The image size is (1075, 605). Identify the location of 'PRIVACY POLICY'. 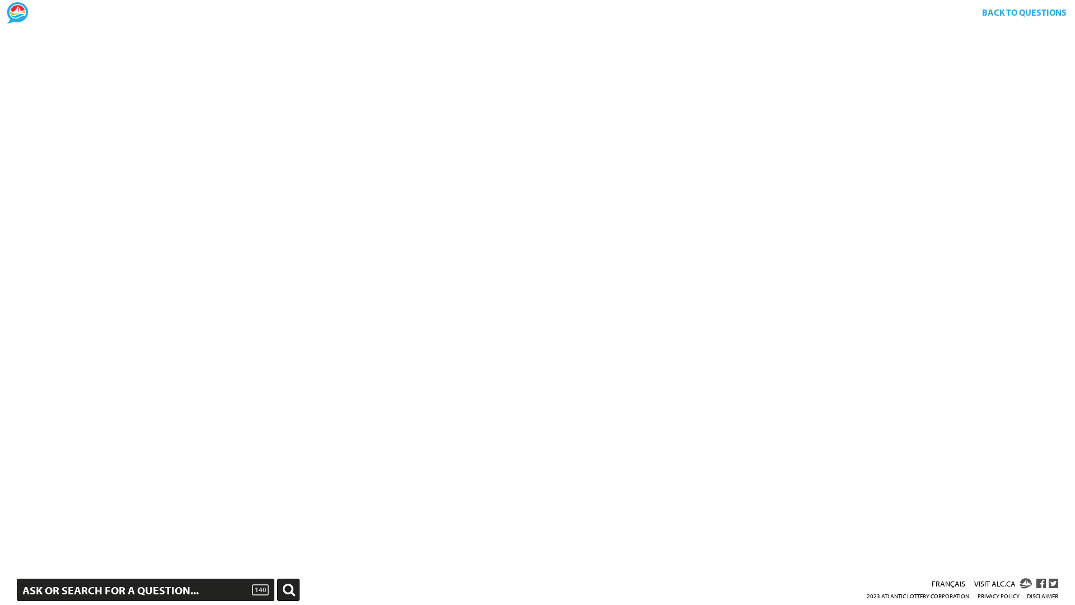
(977, 595).